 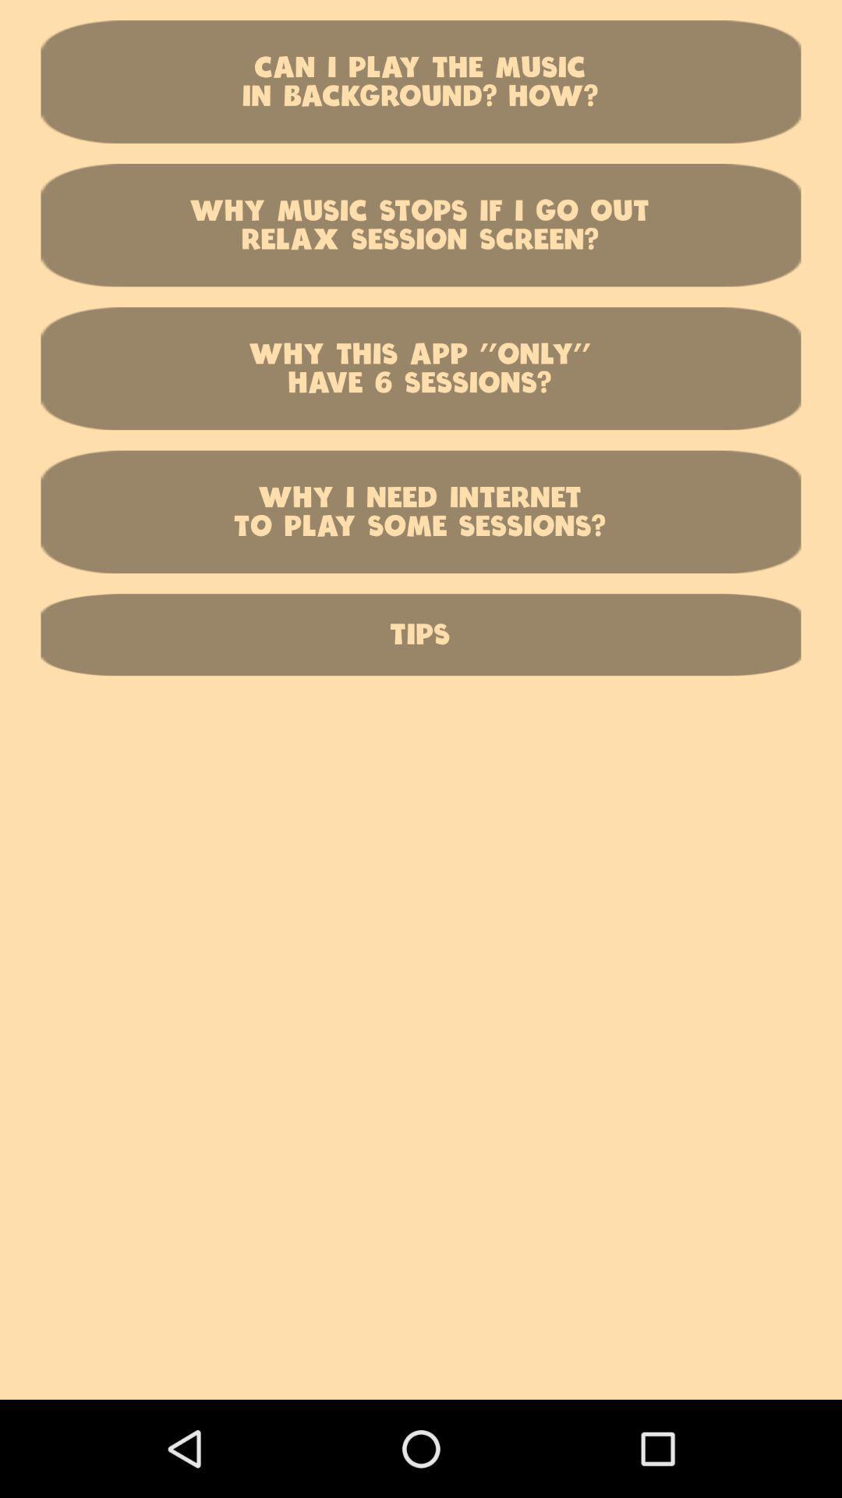 I want to click on the tips item, so click(x=421, y=634).